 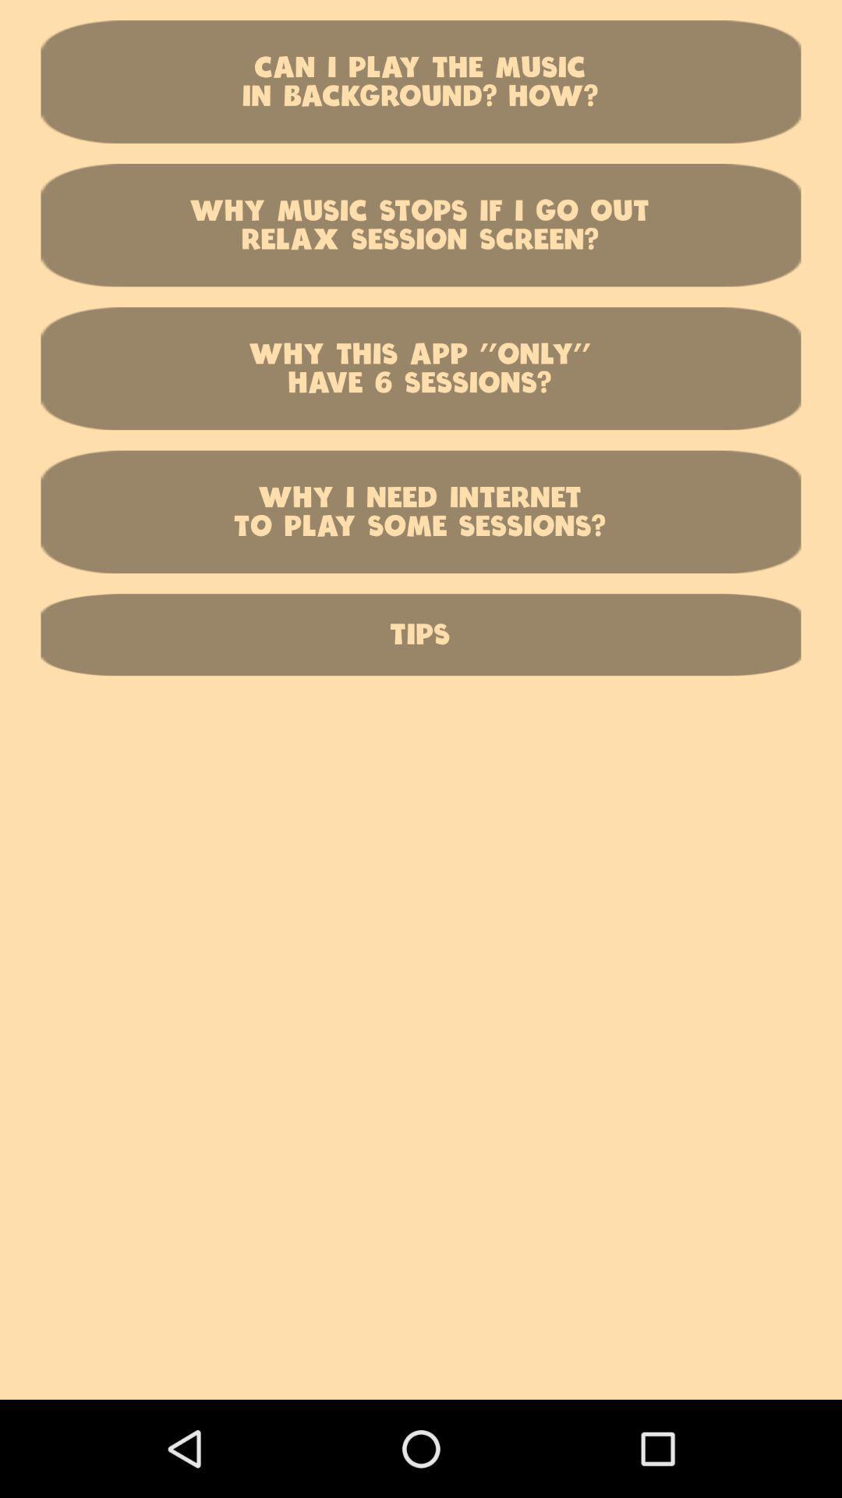 I want to click on the tips item, so click(x=421, y=634).